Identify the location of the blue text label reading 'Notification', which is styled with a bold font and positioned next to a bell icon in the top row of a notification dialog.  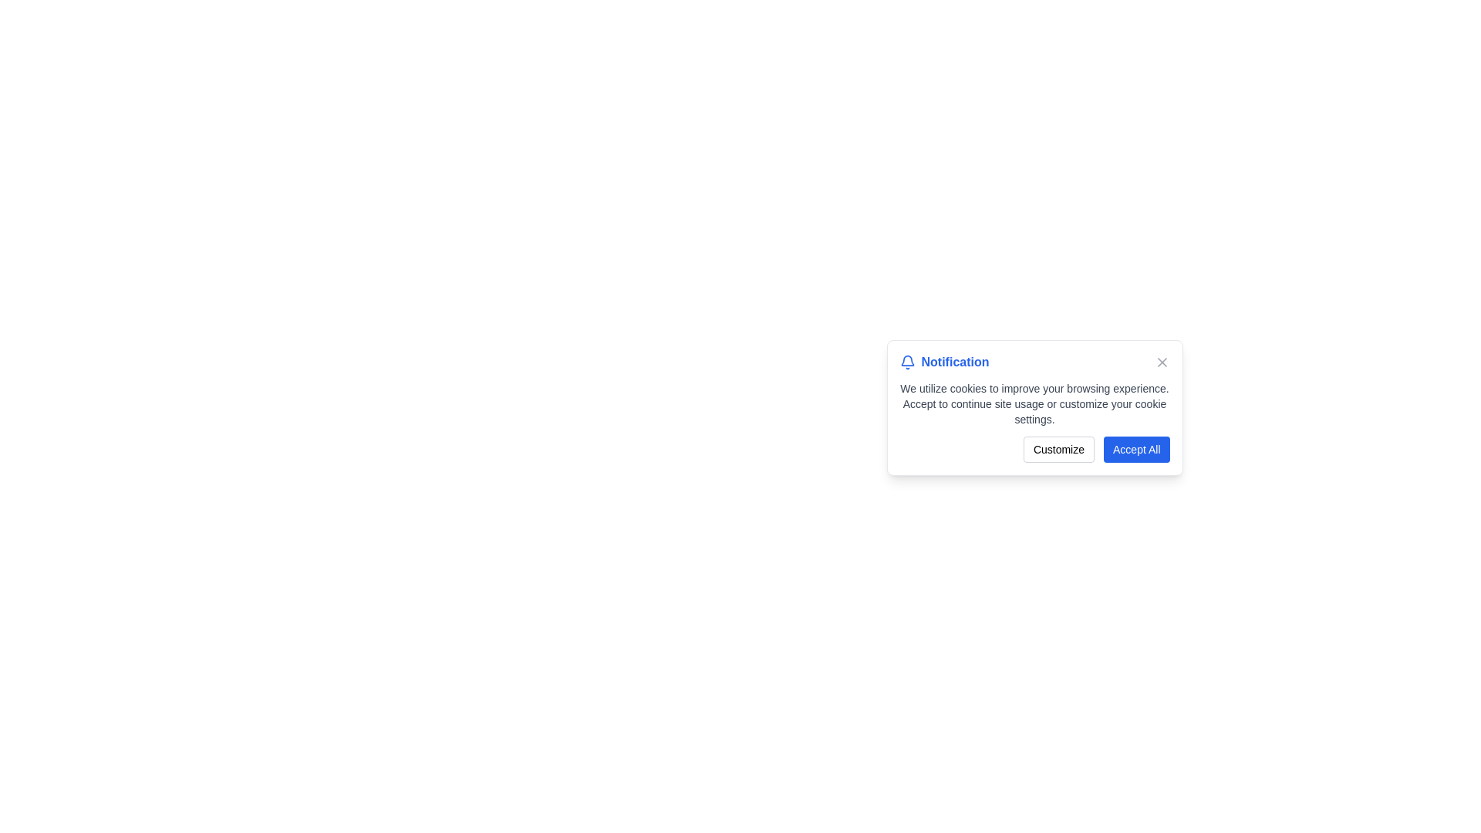
(954, 363).